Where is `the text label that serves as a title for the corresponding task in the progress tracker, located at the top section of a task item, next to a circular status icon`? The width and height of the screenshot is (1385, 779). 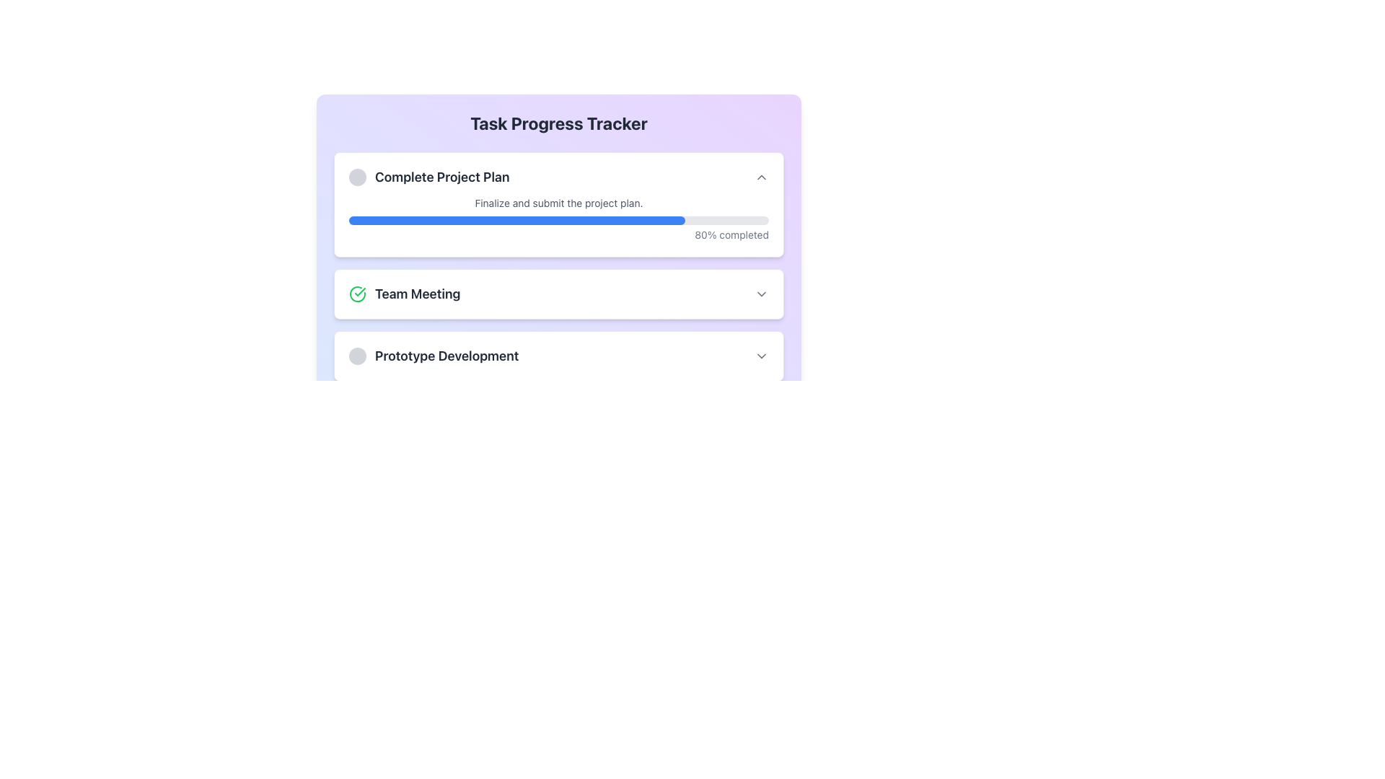 the text label that serves as a title for the corresponding task in the progress tracker, located at the top section of a task item, next to a circular status icon is located at coordinates (428, 177).